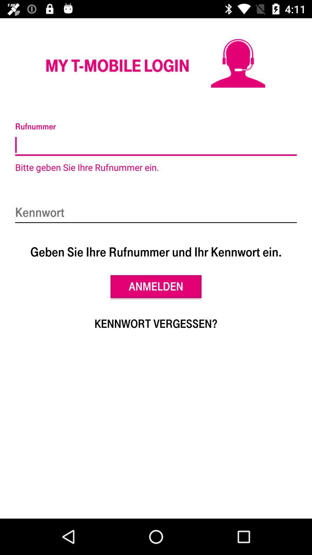  Describe the element at coordinates (156, 213) in the screenshot. I see `item below bitte geben sie app` at that location.